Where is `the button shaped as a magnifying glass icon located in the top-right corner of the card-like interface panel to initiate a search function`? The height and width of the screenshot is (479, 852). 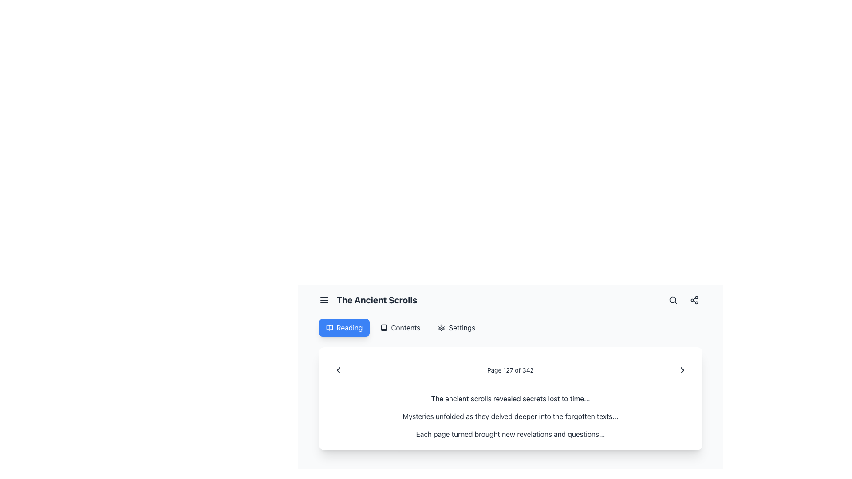
the button shaped as a magnifying glass icon located in the top-right corner of the card-like interface panel to initiate a search function is located at coordinates (673, 300).